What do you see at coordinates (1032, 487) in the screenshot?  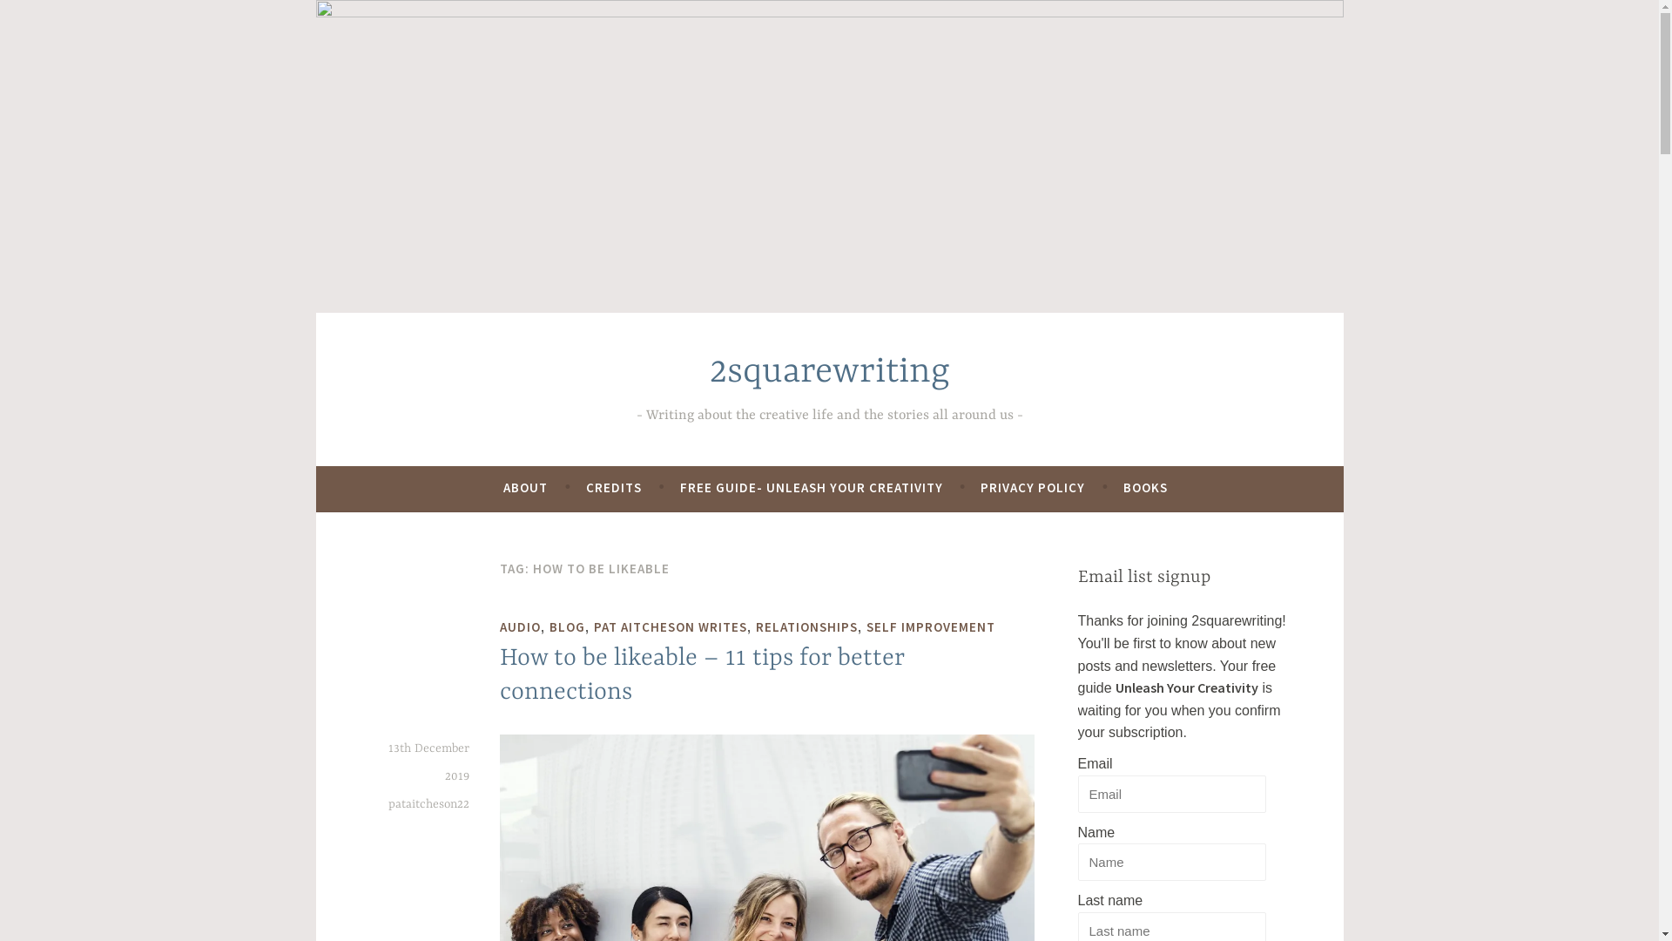 I see `'PRIVACY POLICY'` at bounding box center [1032, 487].